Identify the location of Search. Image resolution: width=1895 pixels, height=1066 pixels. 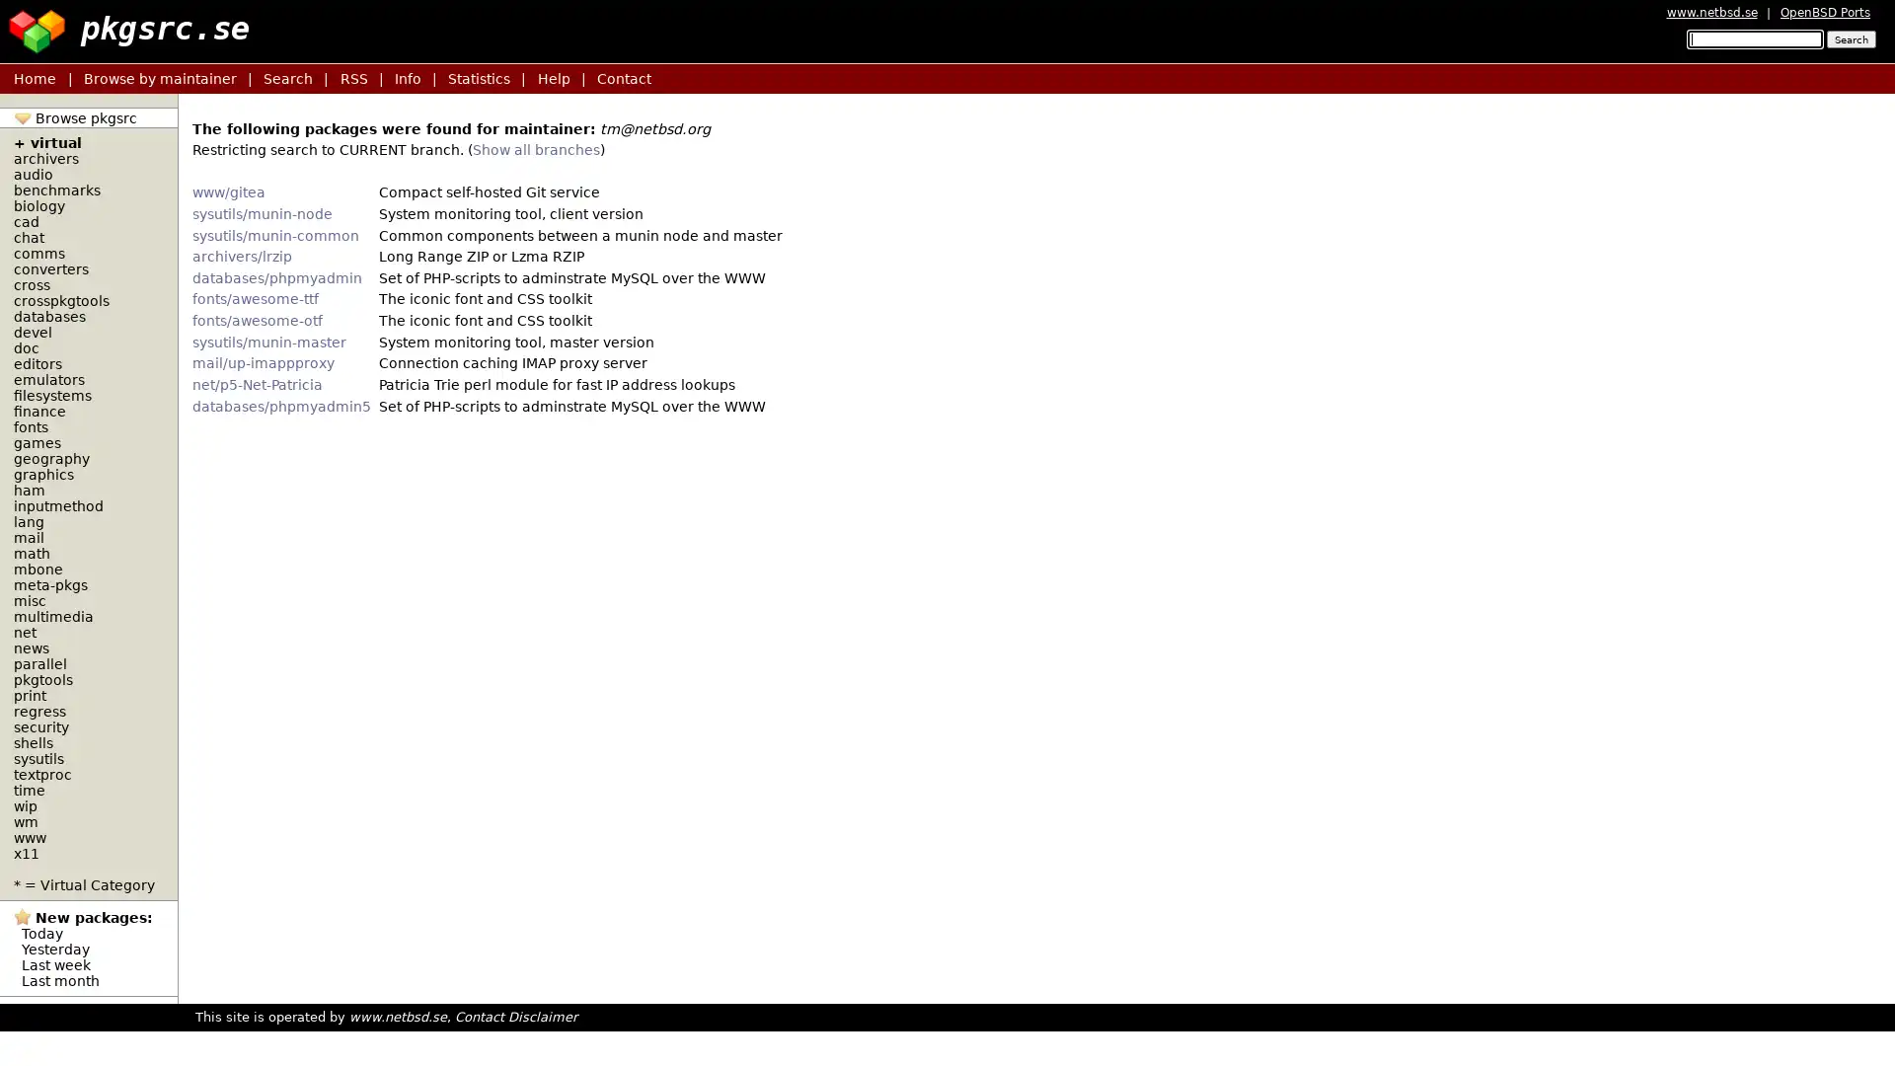
(1850, 38).